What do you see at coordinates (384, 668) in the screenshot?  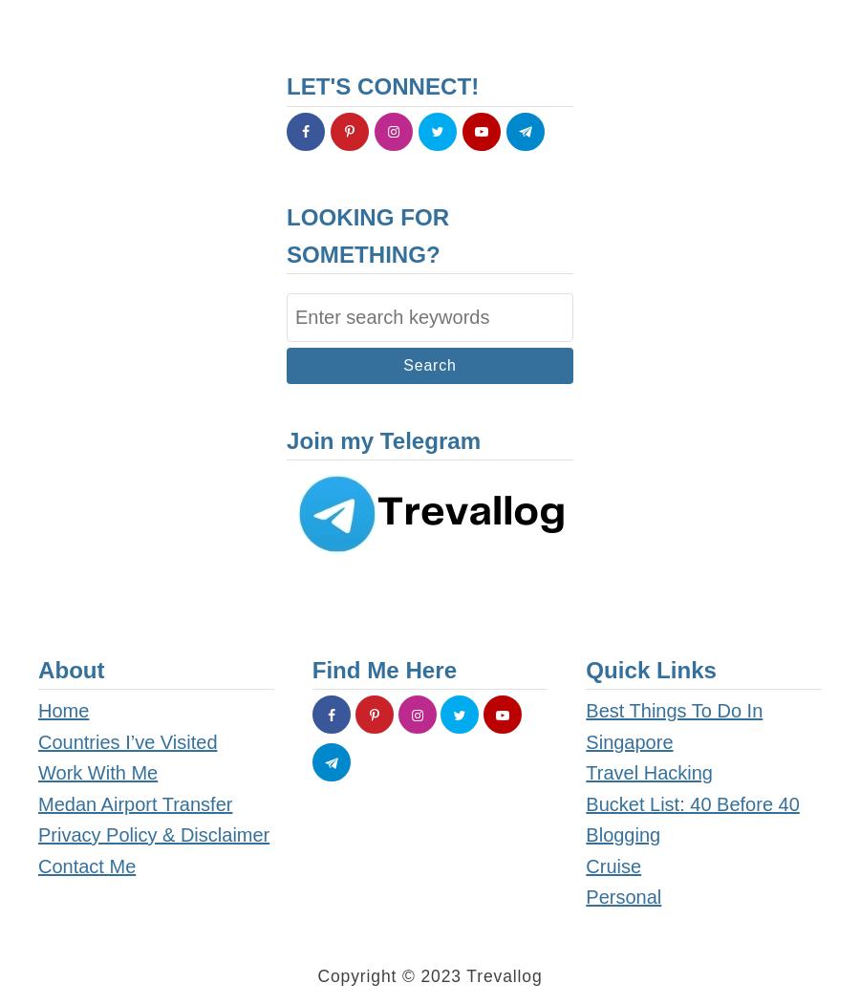 I see `'Find Me Here'` at bounding box center [384, 668].